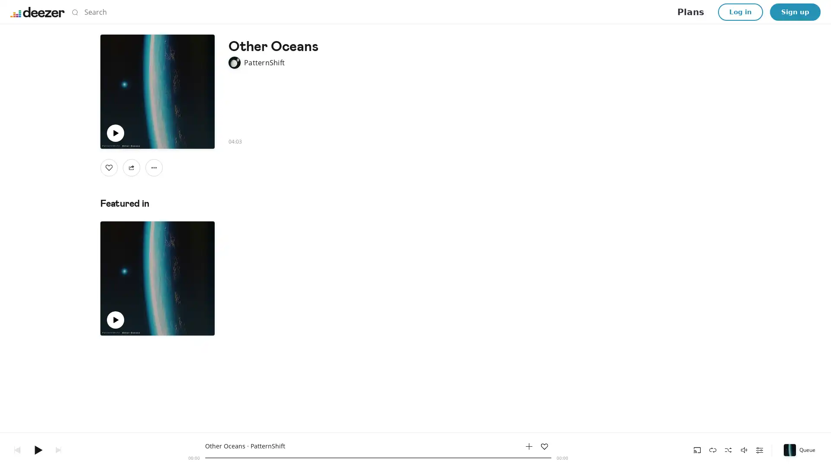  Describe the element at coordinates (17, 449) in the screenshot. I see `Back` at that location.